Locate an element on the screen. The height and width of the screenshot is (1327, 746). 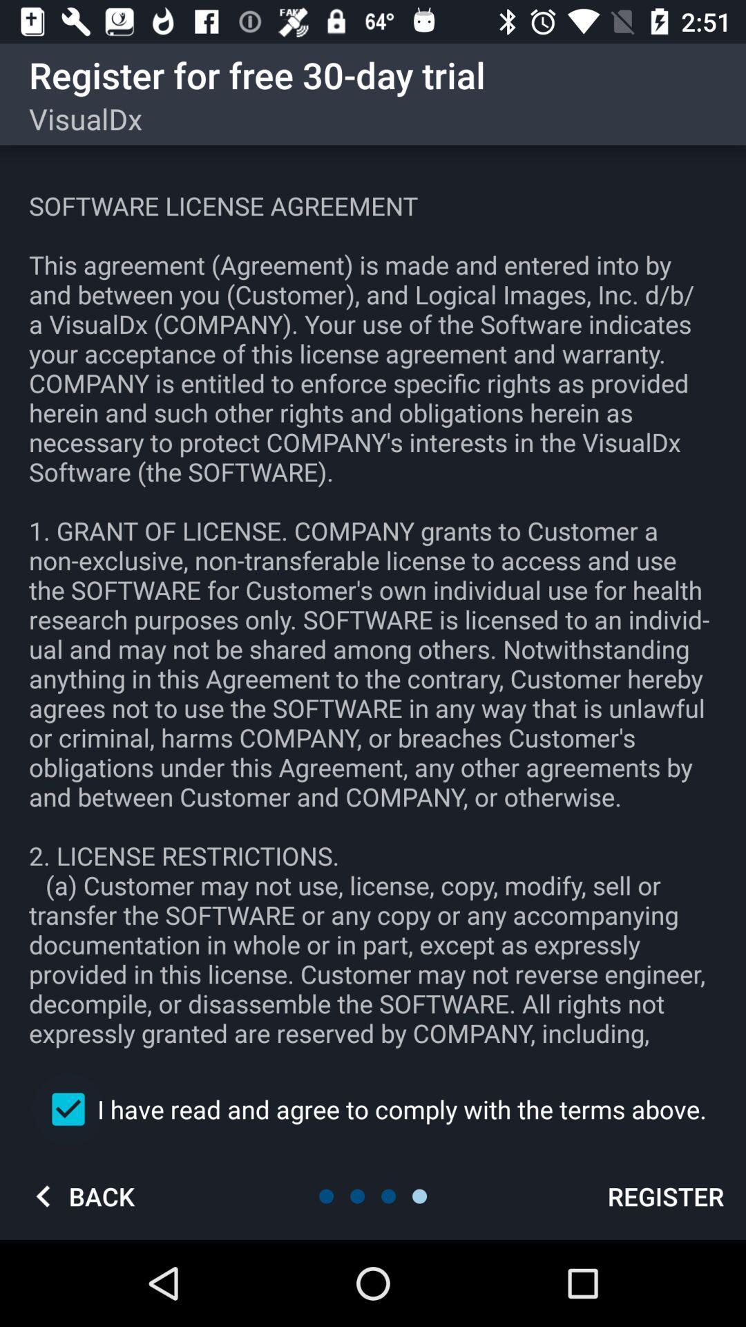
the icon at the bottom left corner is located at coordinates (79, 1196).